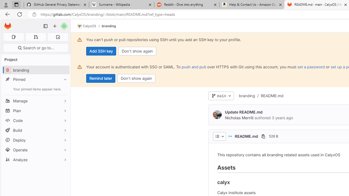 The width and height of the screenshot is (349, 196). I want to click on 'set a password', so click(311, 66).